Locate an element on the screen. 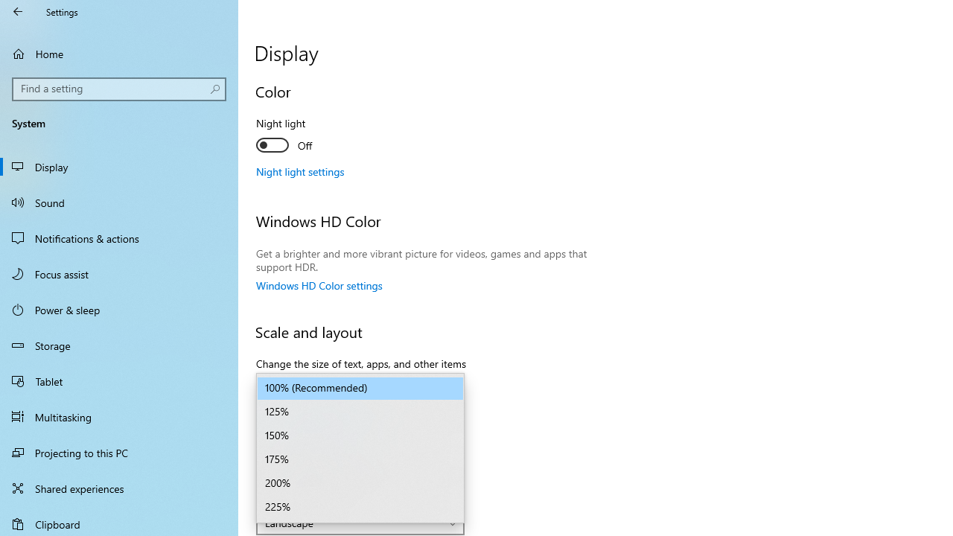 The width and height of the screenshot is (953, 536). '200%' is located at coordinates (360, 484).